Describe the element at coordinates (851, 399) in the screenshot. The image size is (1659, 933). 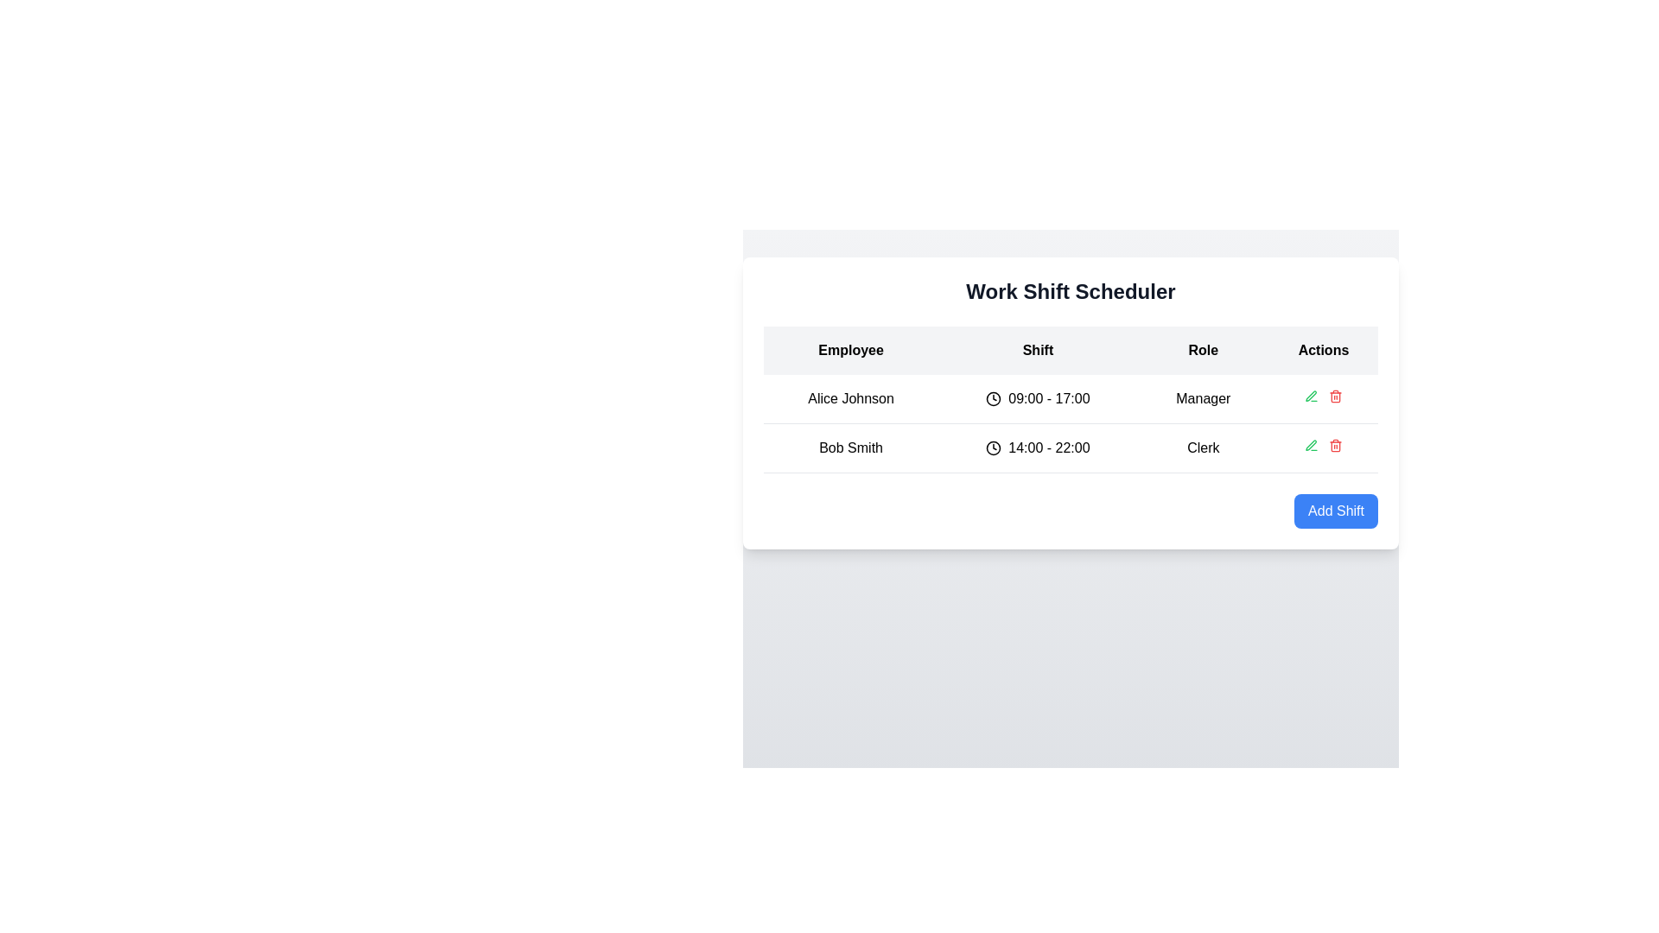
I see `the text label representing an employee's name in the first row of the table under the 'Employee' column` at that location.